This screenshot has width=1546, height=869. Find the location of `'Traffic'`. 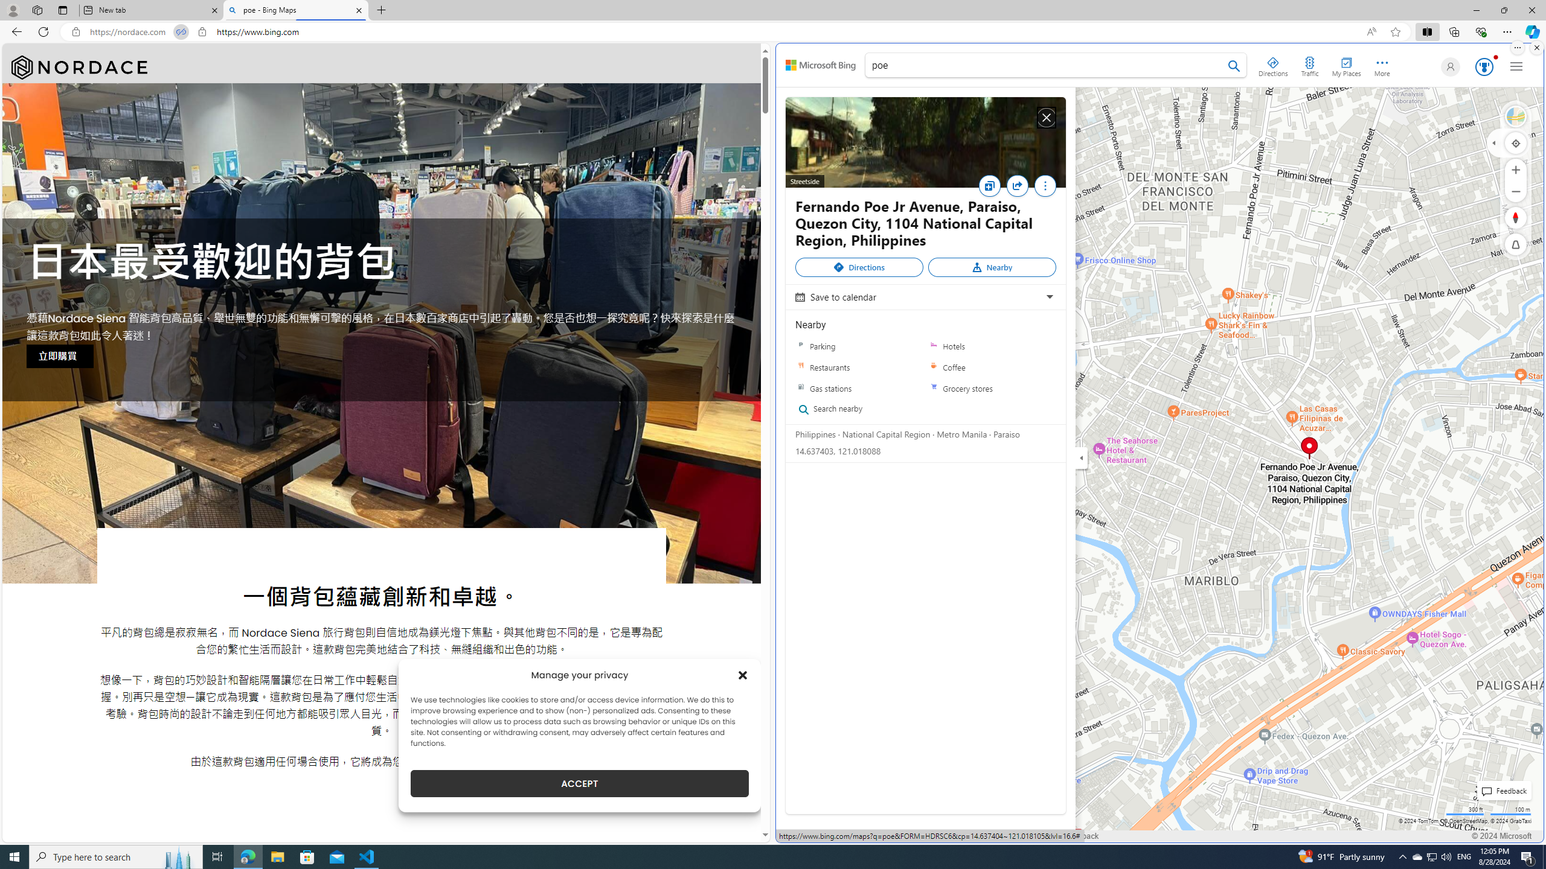

'Traffic' is located at coordinates (1309, 65).